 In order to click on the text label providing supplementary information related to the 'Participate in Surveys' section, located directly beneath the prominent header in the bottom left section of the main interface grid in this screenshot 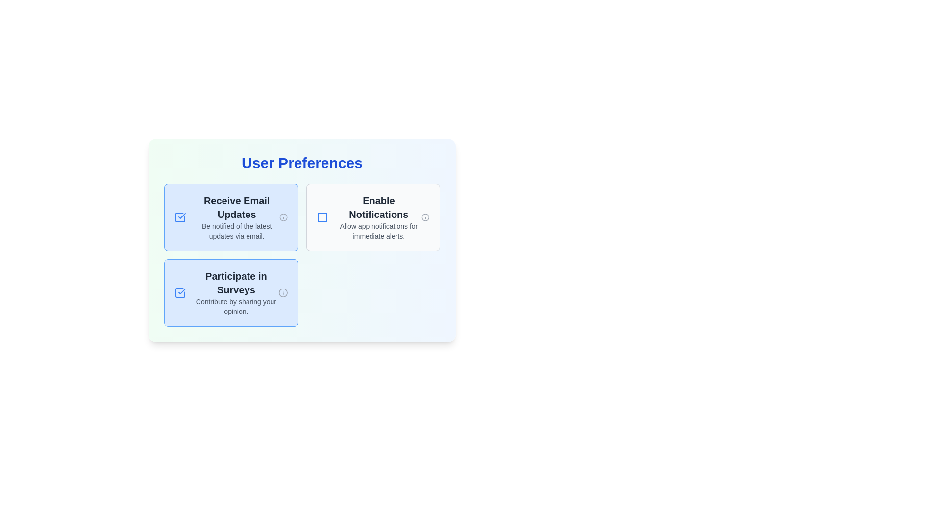, I will do `click(236, 306)`.